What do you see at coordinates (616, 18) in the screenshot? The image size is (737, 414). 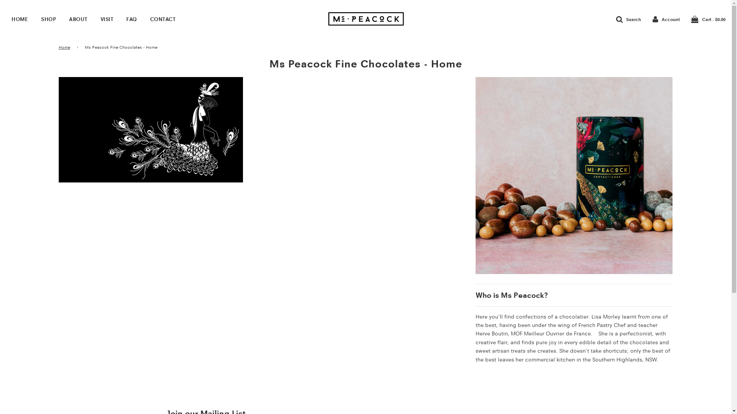 I see `'Search'` at bounding box center [616, 18].